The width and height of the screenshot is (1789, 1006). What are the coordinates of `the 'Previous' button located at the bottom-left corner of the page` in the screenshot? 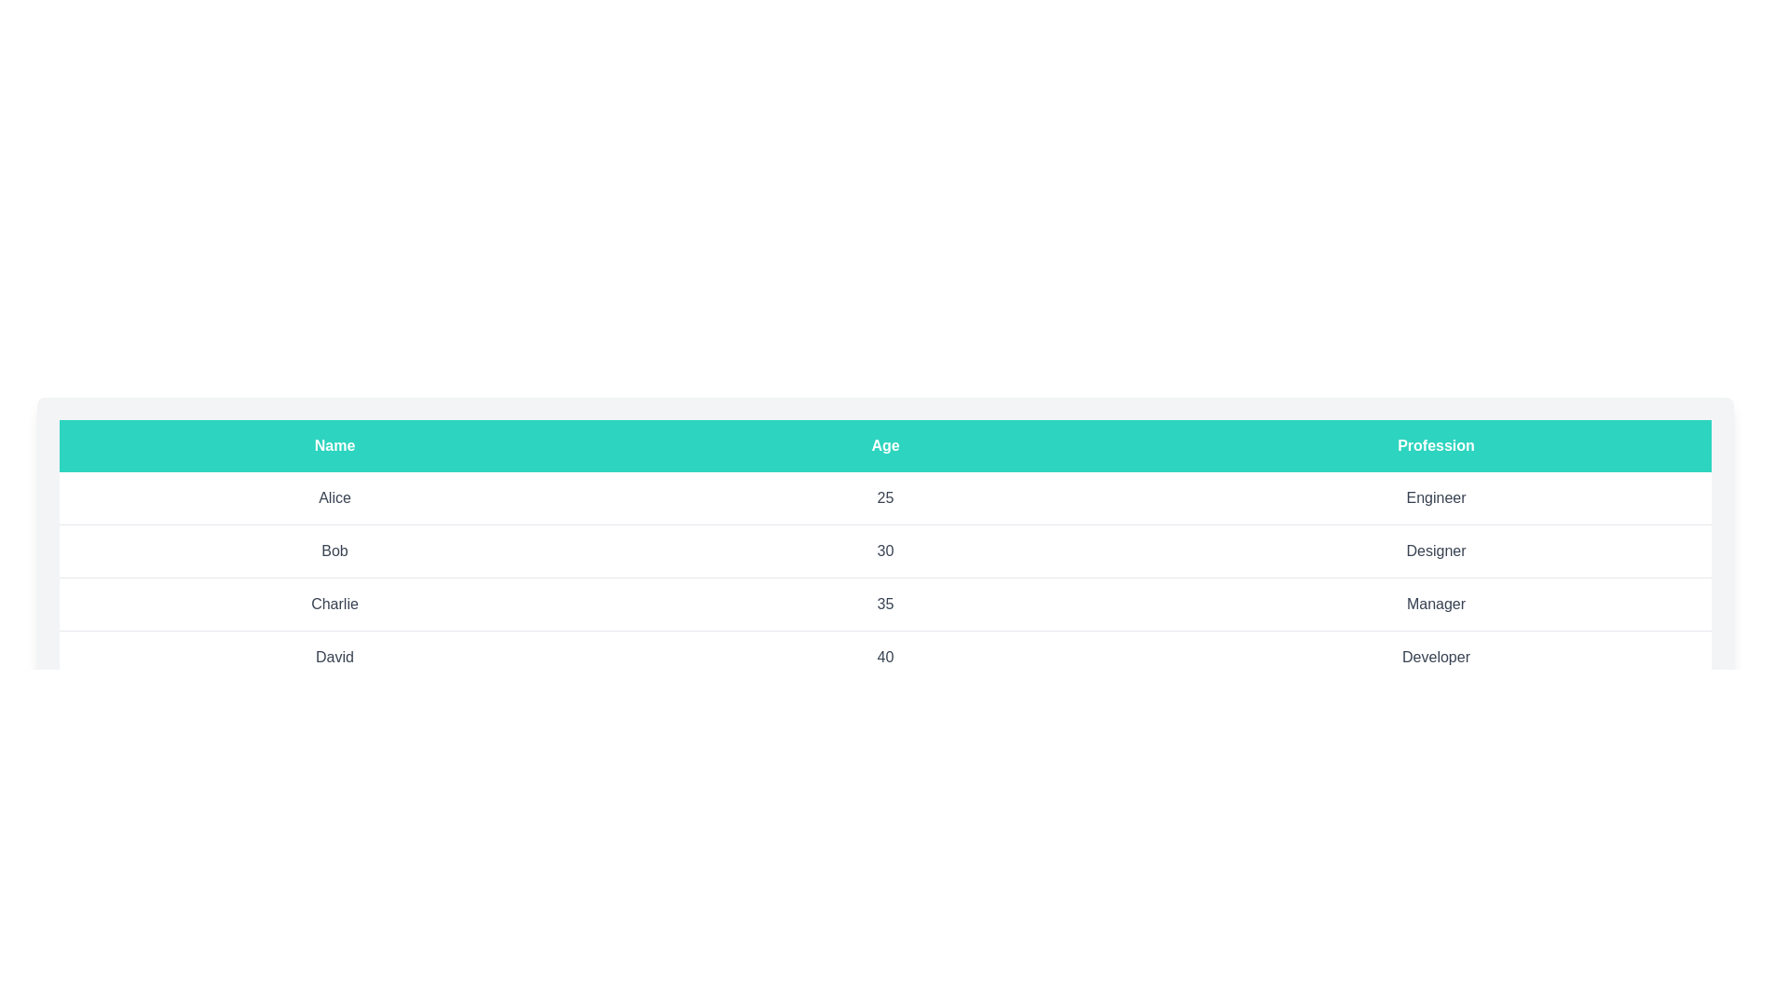 It's located at (102, 771).